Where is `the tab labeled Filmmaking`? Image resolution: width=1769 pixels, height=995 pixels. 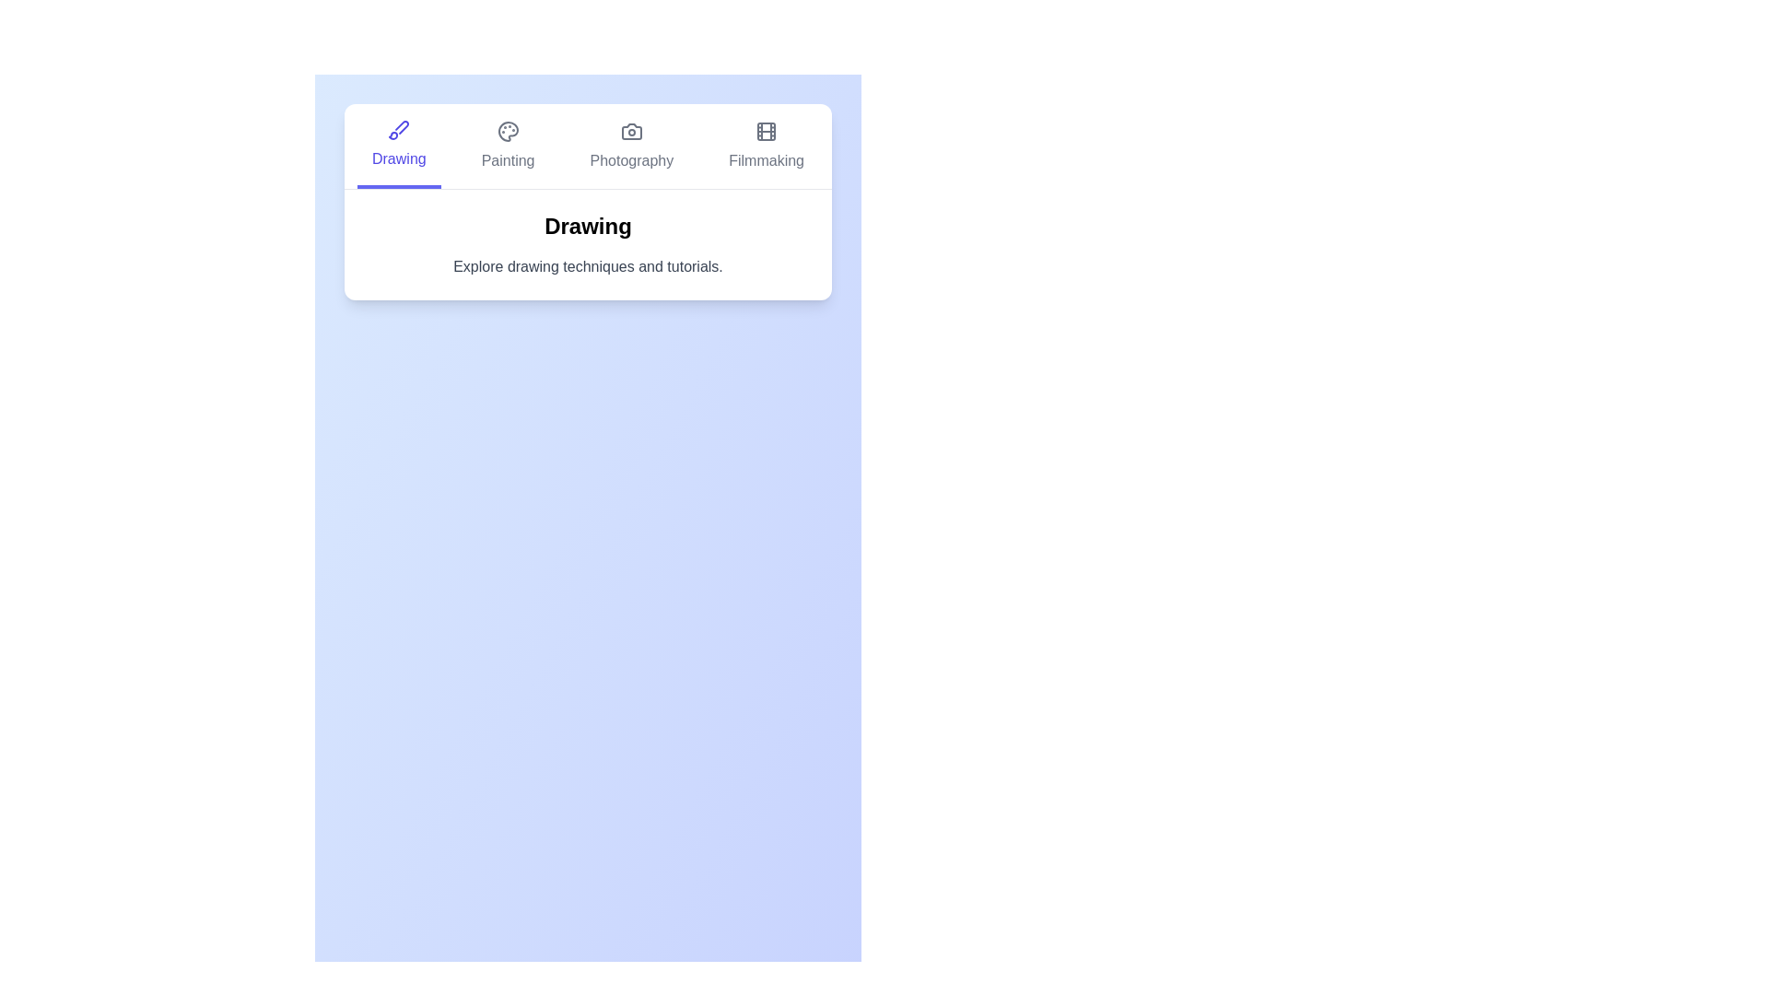 the tab labeled Filmmaking is located at coordinates (766, 145).